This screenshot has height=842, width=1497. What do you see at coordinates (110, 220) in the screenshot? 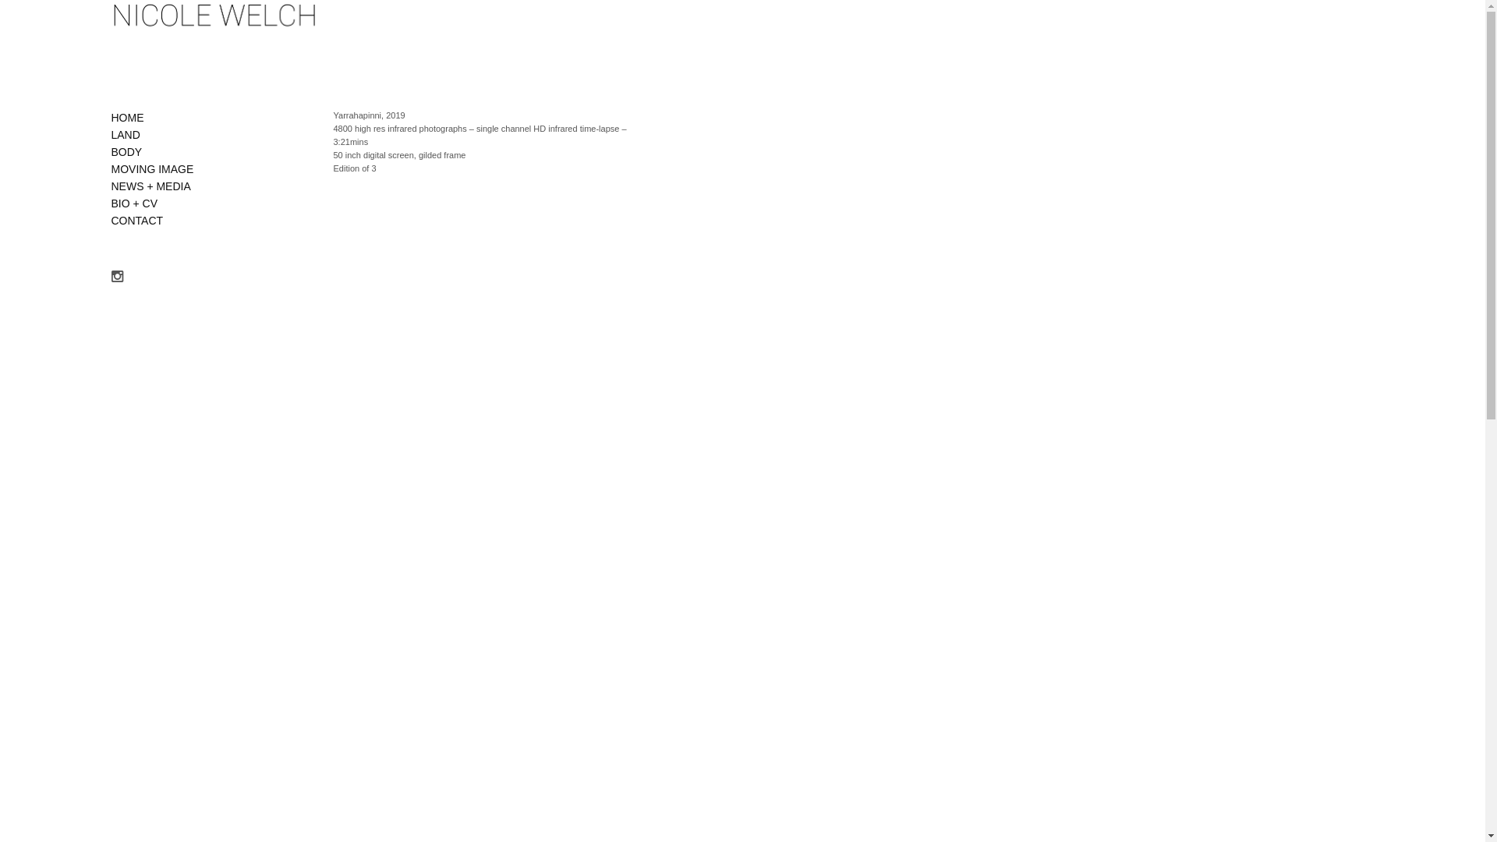
I see `'CONTACT'` at bounding box center [110, 220].